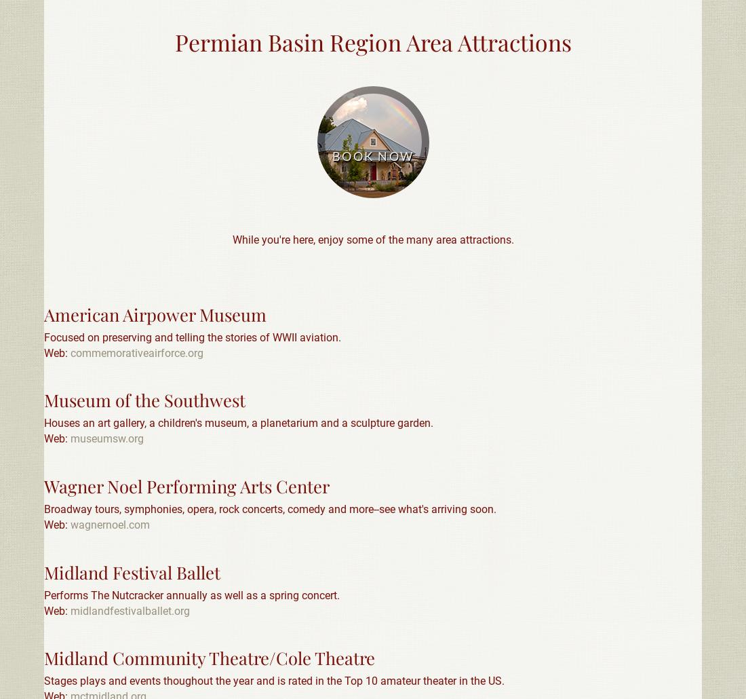 The image size is (746, 699). Describe the element at coordinates (270, 509) in the screenshot. I see `'Broadway tours, symphonies, opera, rock concerts, comedy and more--see what's arriving soon.'` at that location.